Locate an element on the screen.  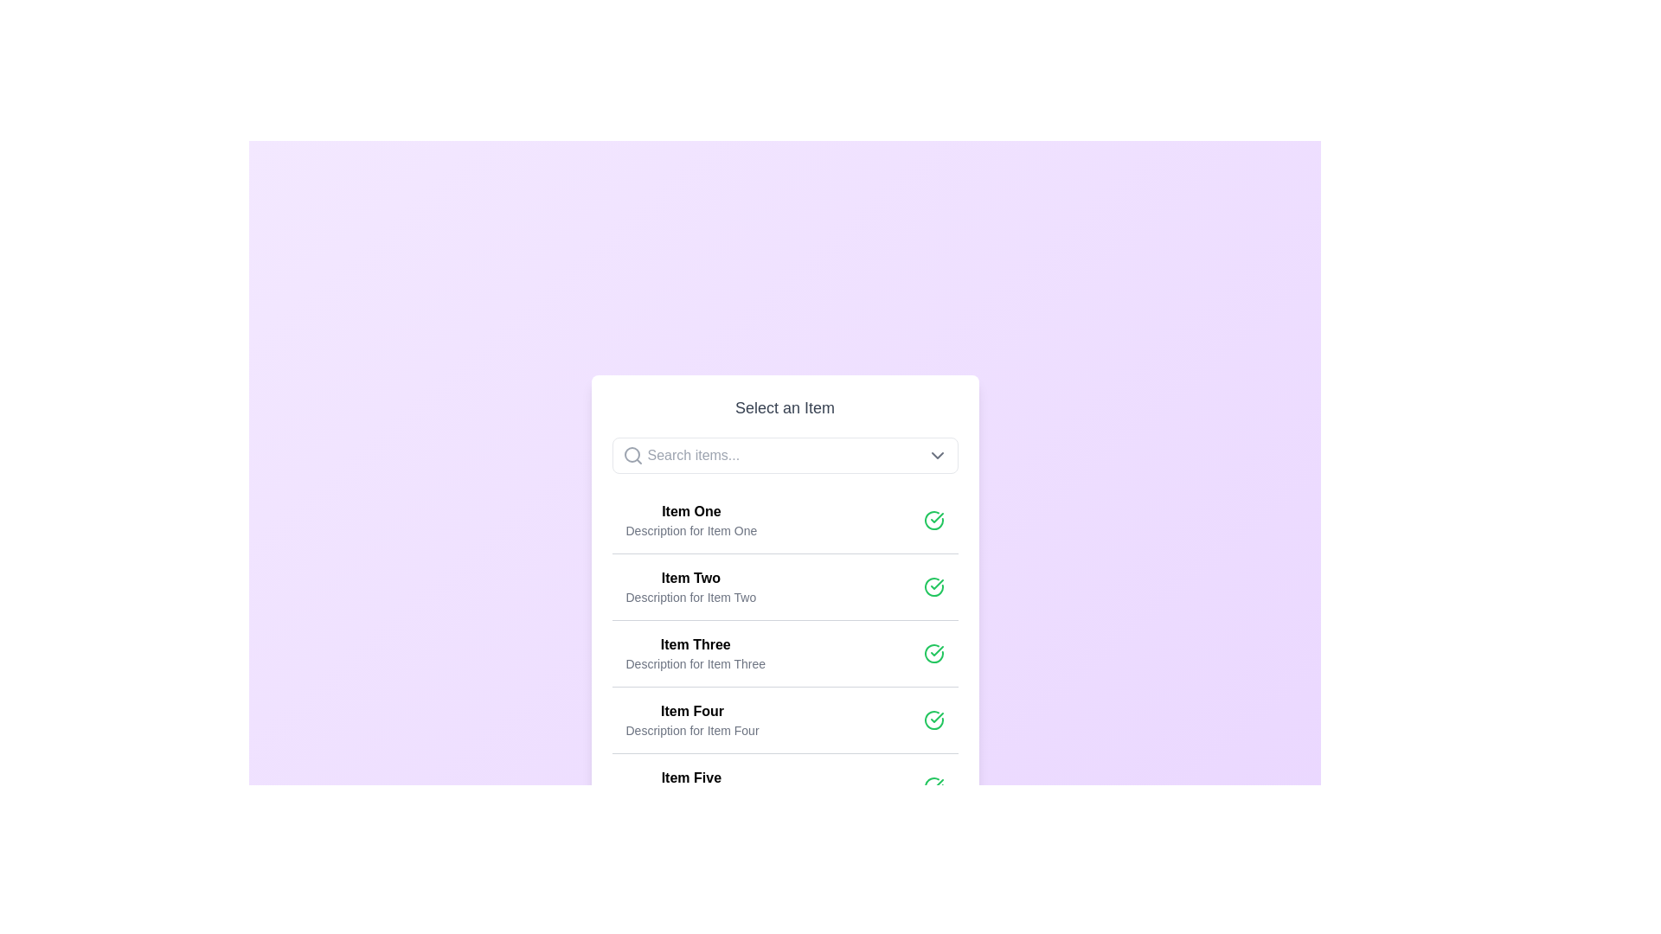
the descriptive text element located directly below the title 'Item One', which provides additional information about this list item is located at coordinates (690, 529).